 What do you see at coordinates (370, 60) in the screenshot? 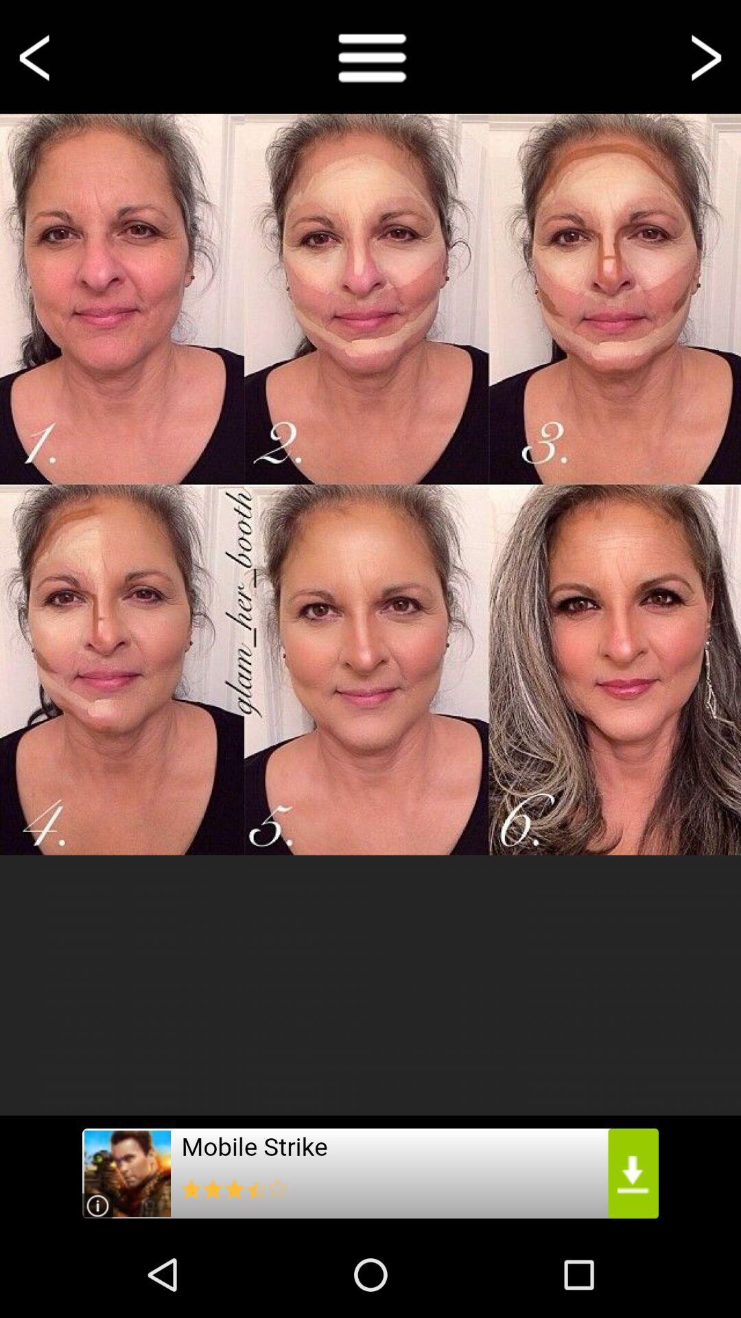
I see `the menu icon` at bounding box center [370, 60].